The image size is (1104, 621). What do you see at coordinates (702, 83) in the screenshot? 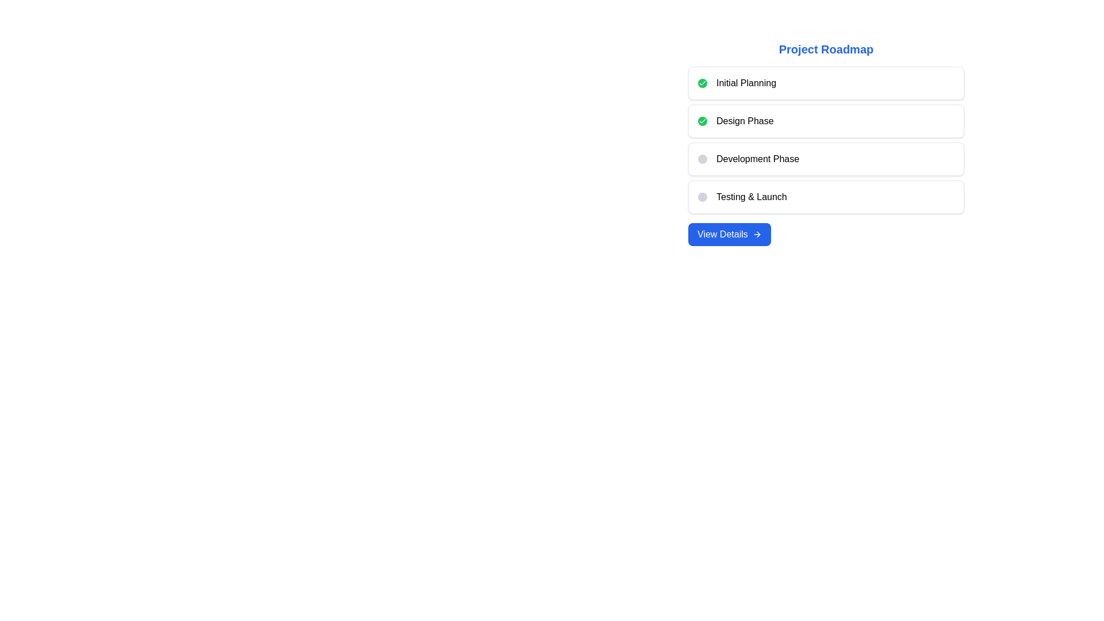
I see `the Status indicator for the 'Initial Planning' phase, which is represented by a green checkmark and is located at the far left of its row, within a white rectangular card with rounded corners` at bounding box center [702, 83].